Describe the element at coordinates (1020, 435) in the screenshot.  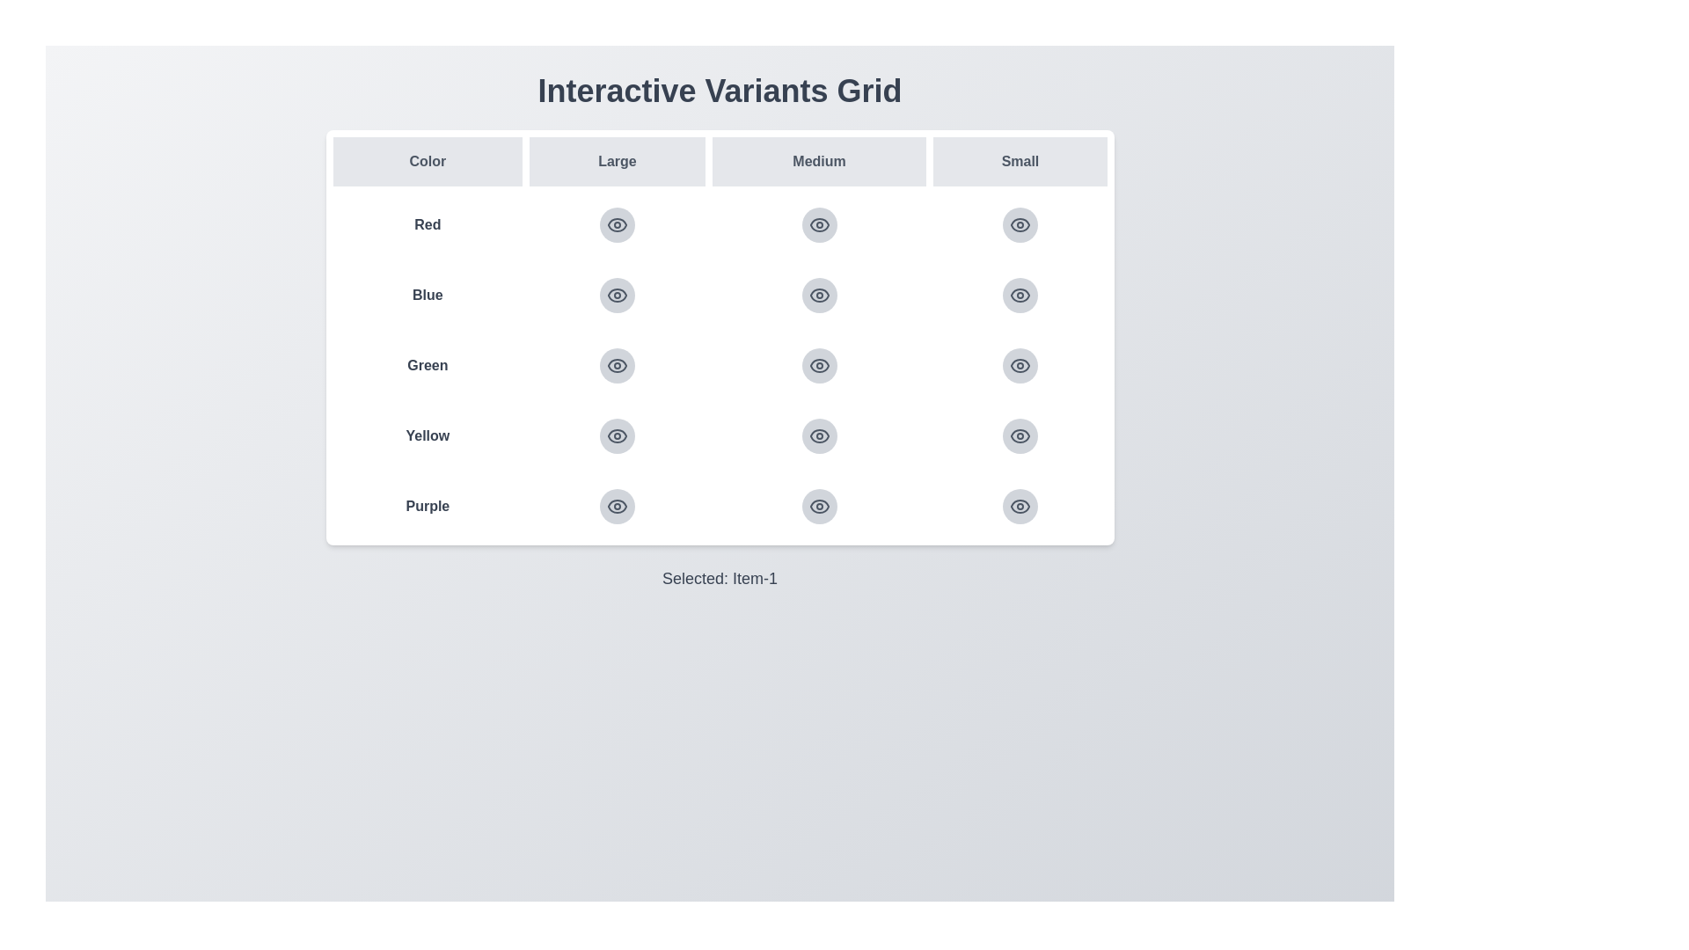
I see `the eye-shaped icon button, which is gray with a circular outline and a central dot, located in the bottom row and third column of the grid under the 'Small' category and next to the 'Yellow' row` at that location.